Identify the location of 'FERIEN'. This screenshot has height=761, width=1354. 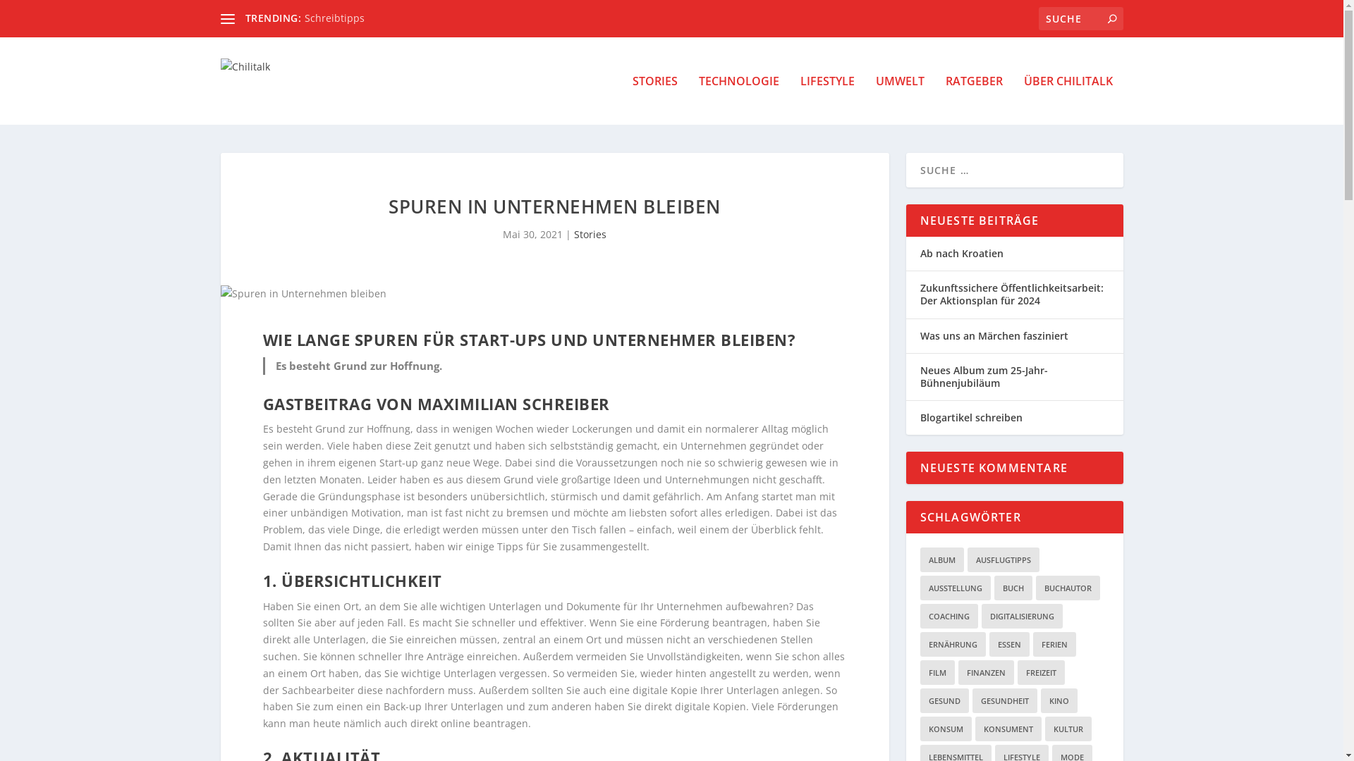
(1054, 644).